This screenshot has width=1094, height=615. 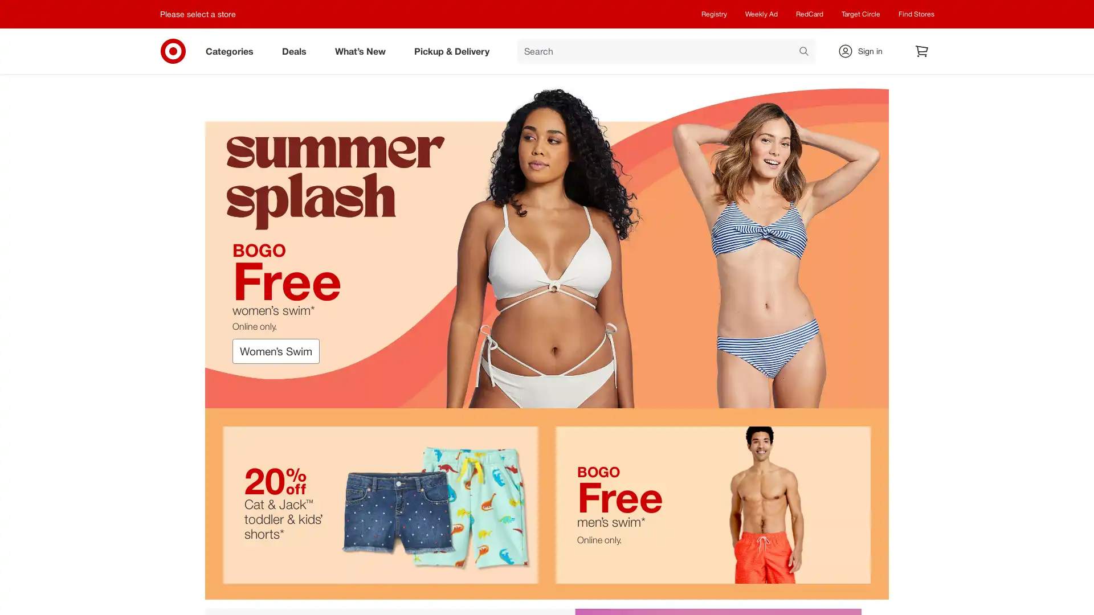 What do you see at coordinates (202, 14) in the screenshot?
I see `My Store  Closes At 10pm San Jose Oakridge` at bounding box center [202, 14].